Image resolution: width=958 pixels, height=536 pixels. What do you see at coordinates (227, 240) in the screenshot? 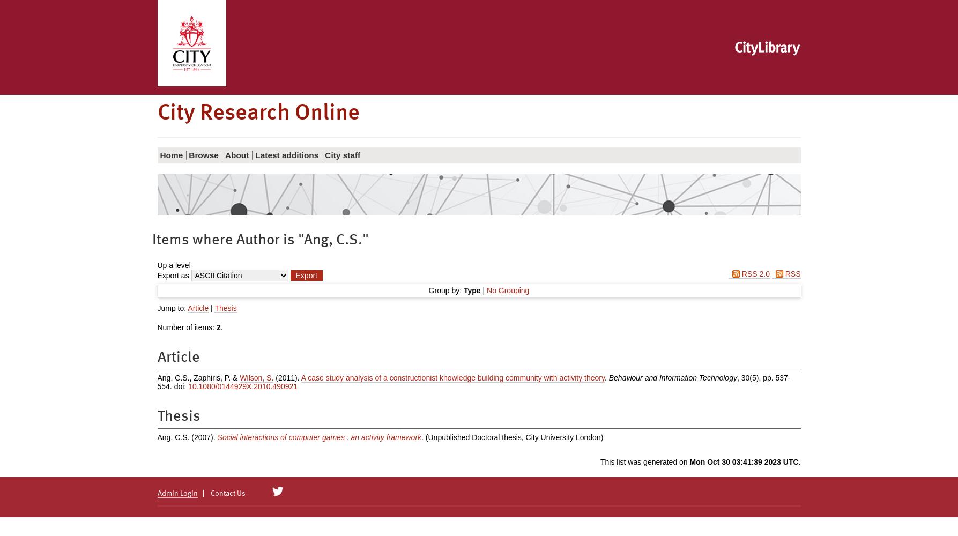
I see `'Items where Author is "'` at bounding box center [227, 240].